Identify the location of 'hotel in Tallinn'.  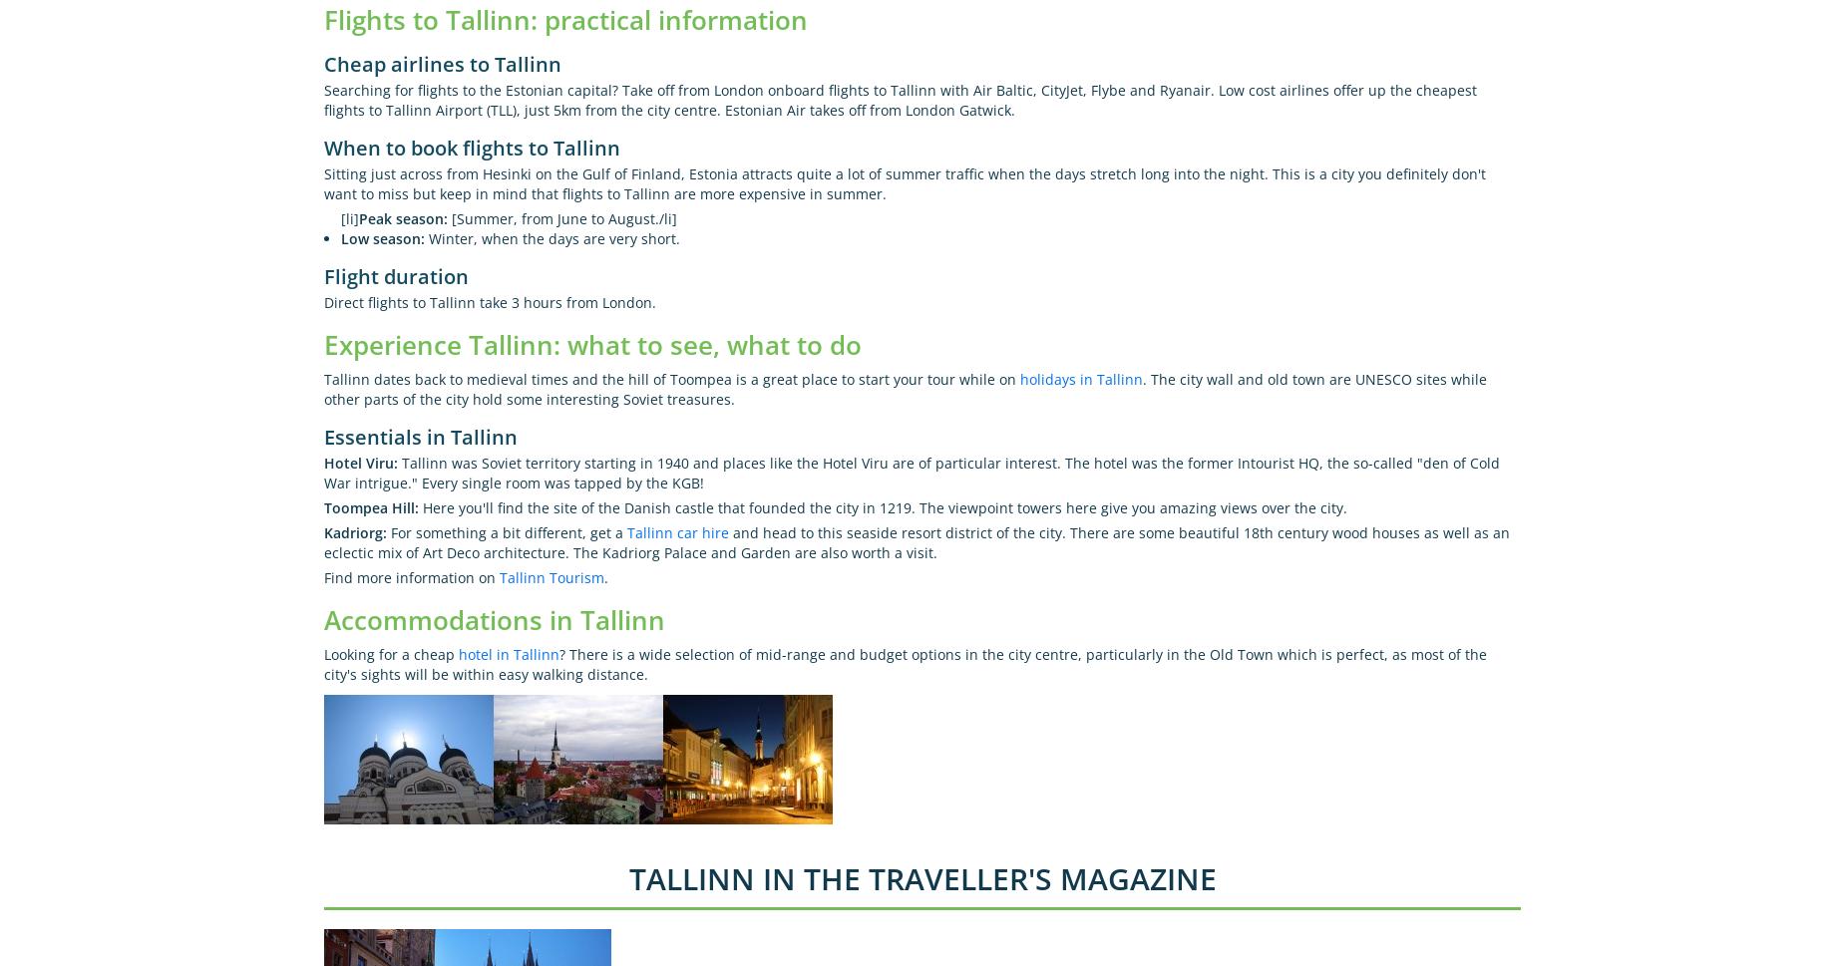
(509, 653).